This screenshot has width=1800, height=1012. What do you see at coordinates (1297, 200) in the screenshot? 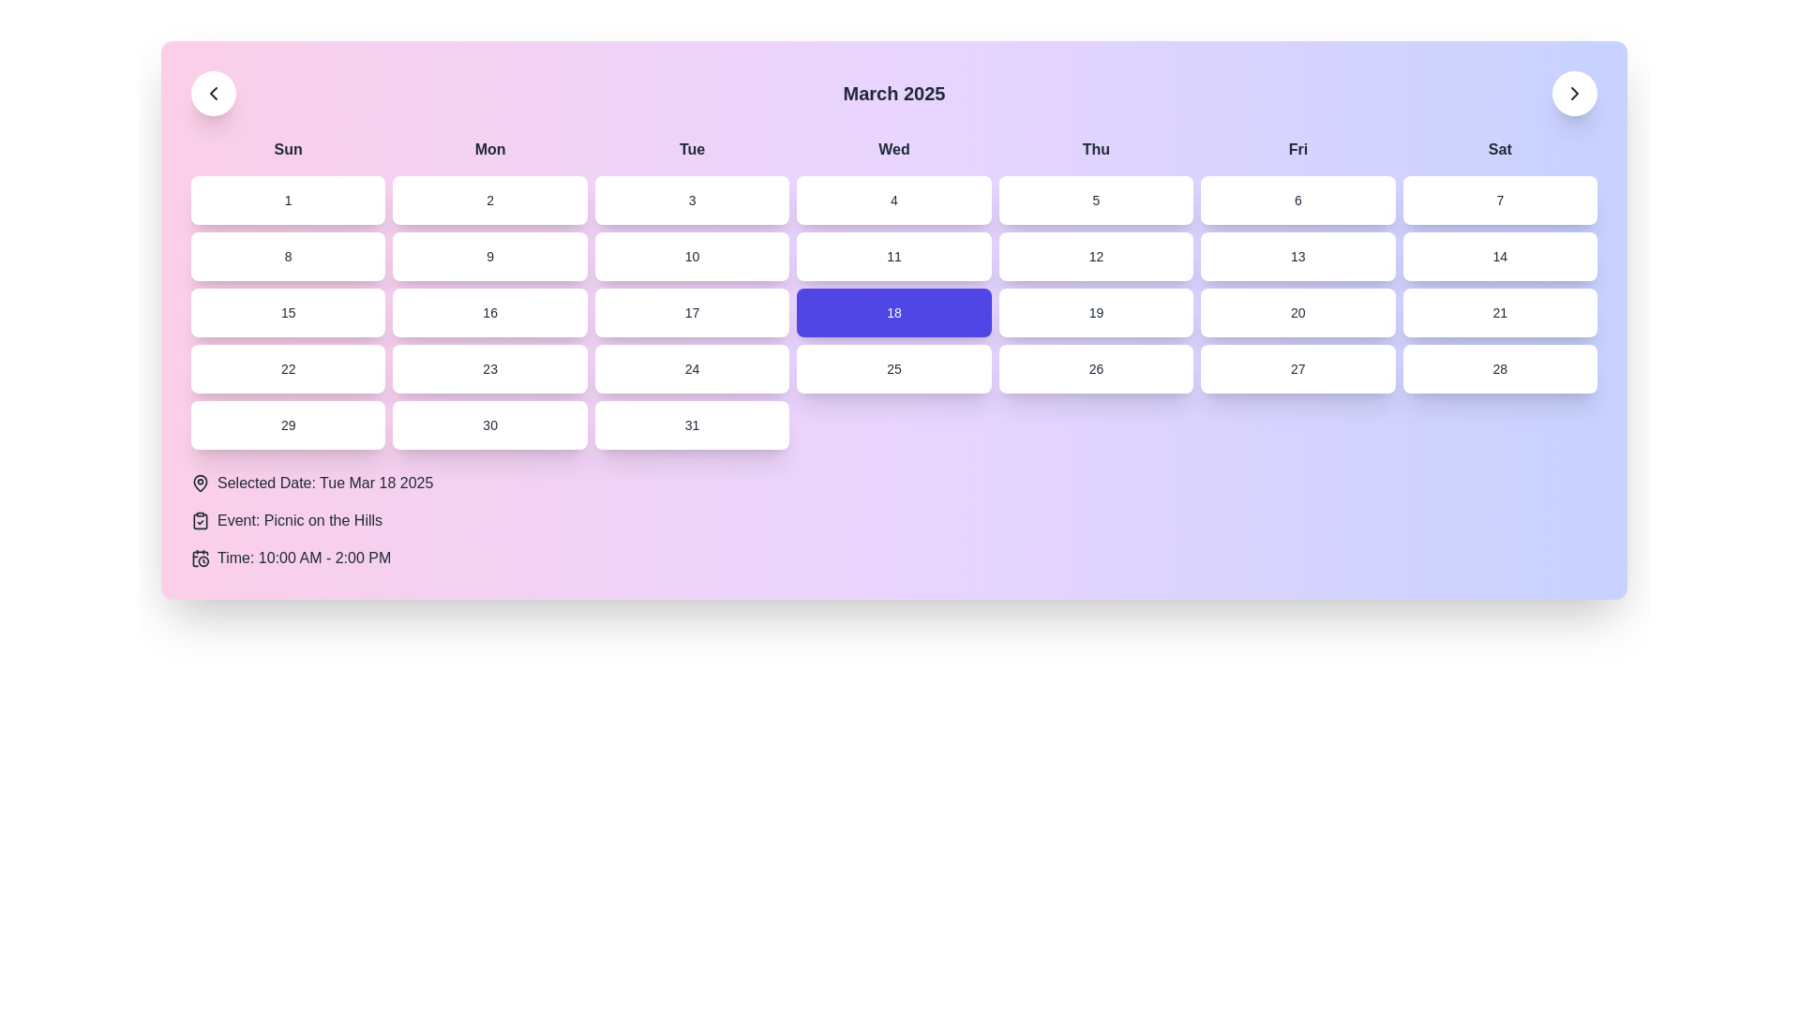
I see `the button representing the 6th day of the month in the calendar interface` at bounding box center [1297, 200].